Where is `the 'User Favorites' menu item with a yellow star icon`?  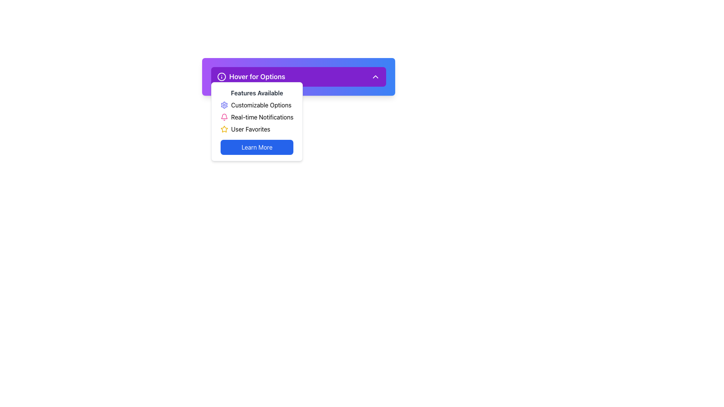 the 'User Favorites' menu item with a yellow star icon is located at coordinates (250, 129).